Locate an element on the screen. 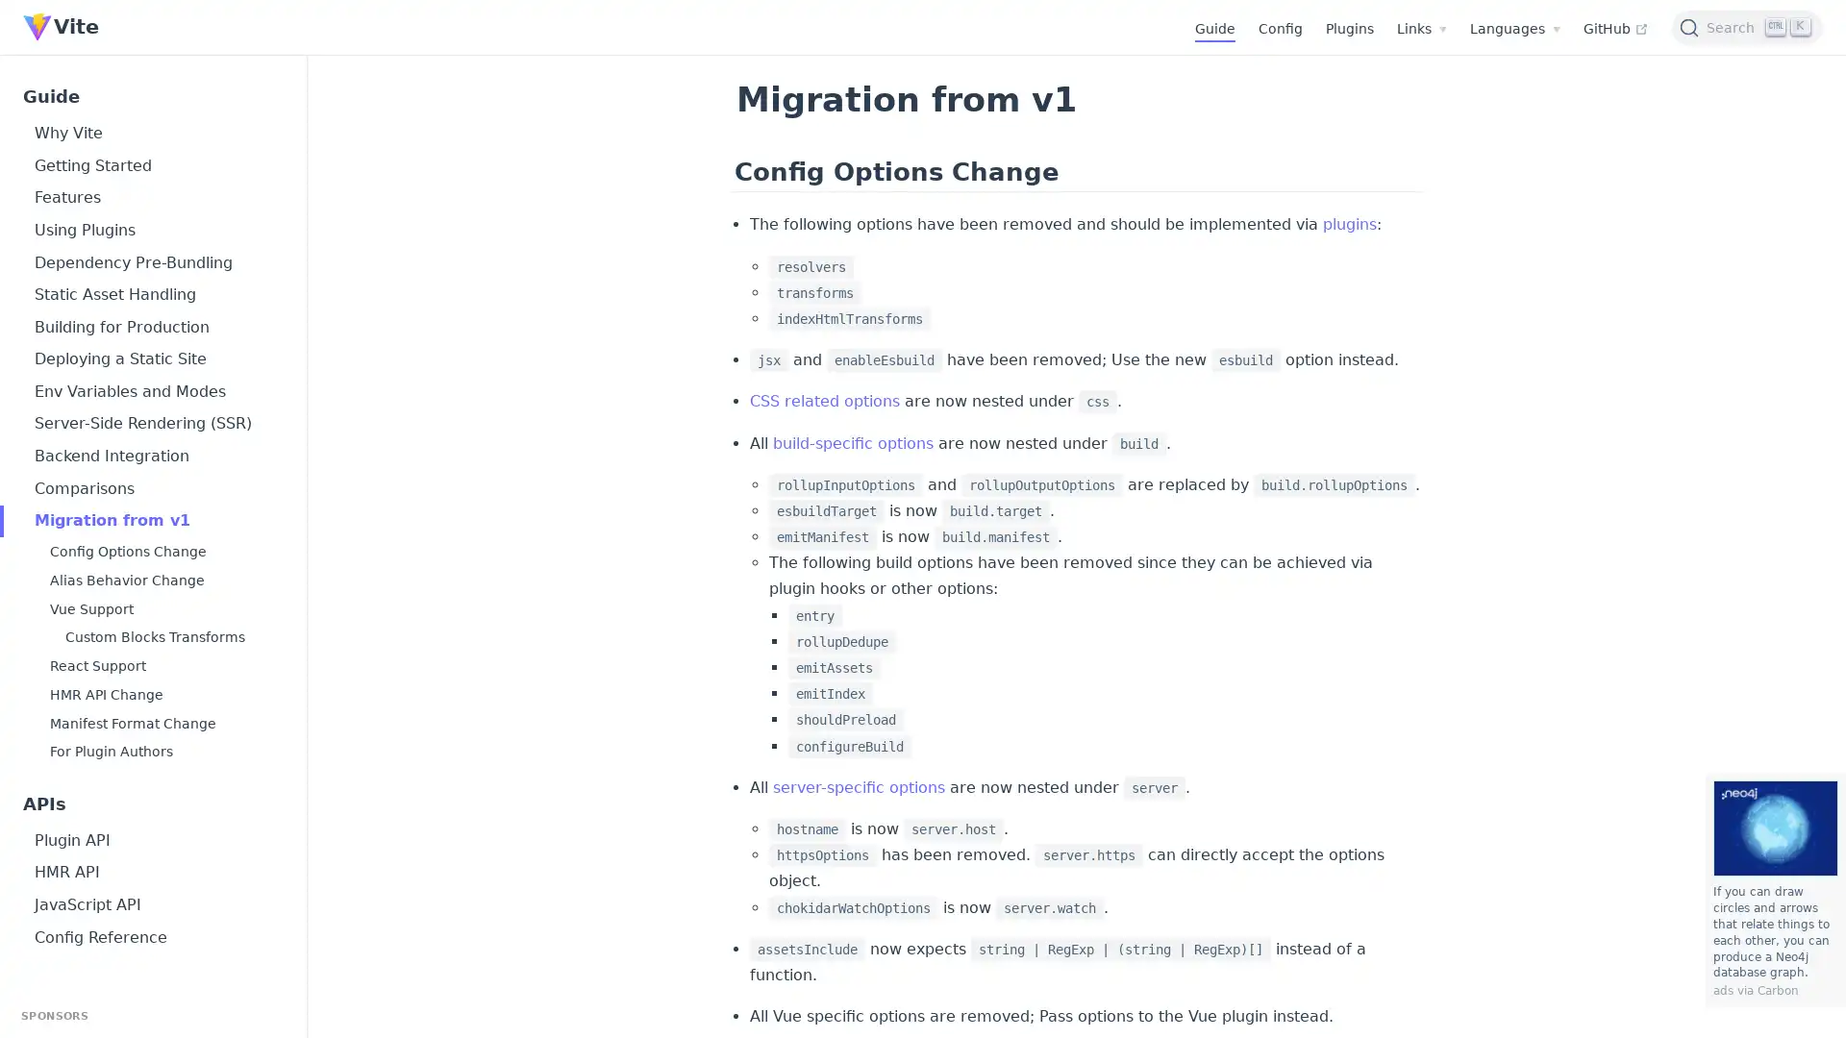 The width and height of the screenshot is (1846, 1038). Languages is located at coordinates (1513, 29).